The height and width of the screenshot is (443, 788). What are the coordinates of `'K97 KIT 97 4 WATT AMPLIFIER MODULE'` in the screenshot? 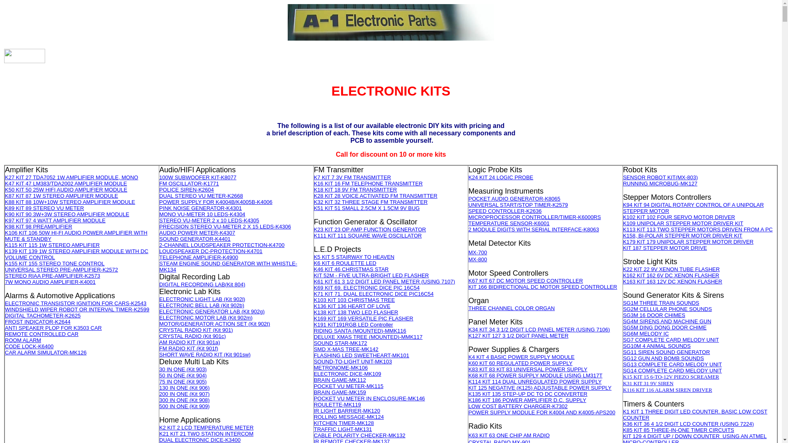 It's located at (55, 220).